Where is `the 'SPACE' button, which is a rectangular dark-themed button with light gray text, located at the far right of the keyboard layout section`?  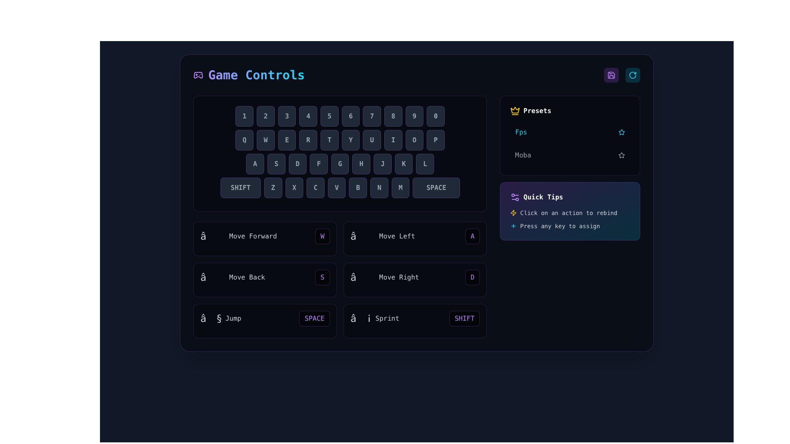
the 'SPACE' button, which is a rectangular dark-themed button with light gray text, located at the far right of the keyboard layout section is located at coordinates (436, 187).